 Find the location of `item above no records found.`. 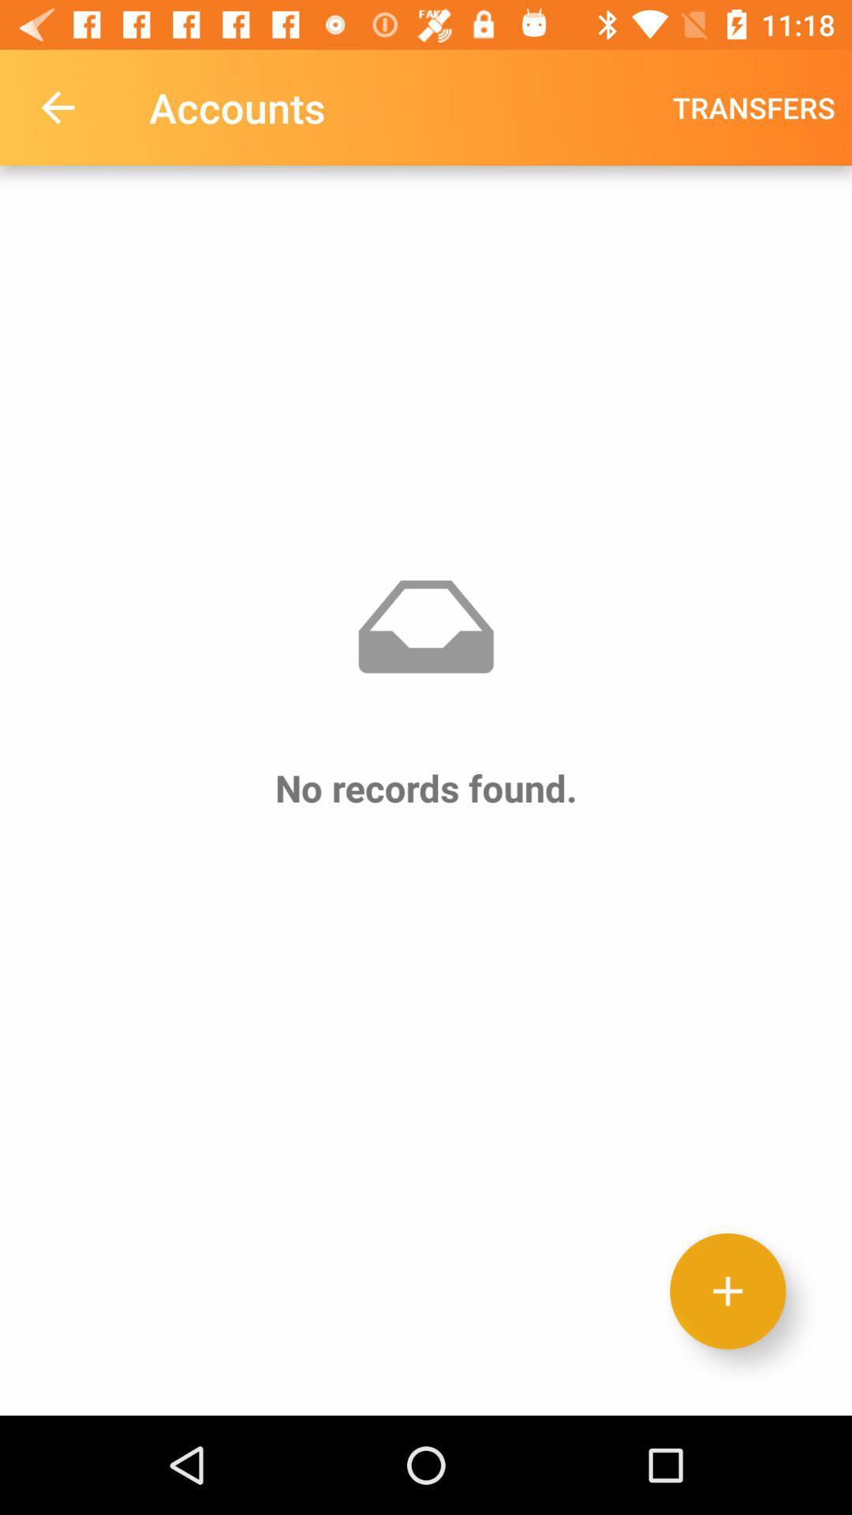

item above no records found. is located at coordinates (57, 107).